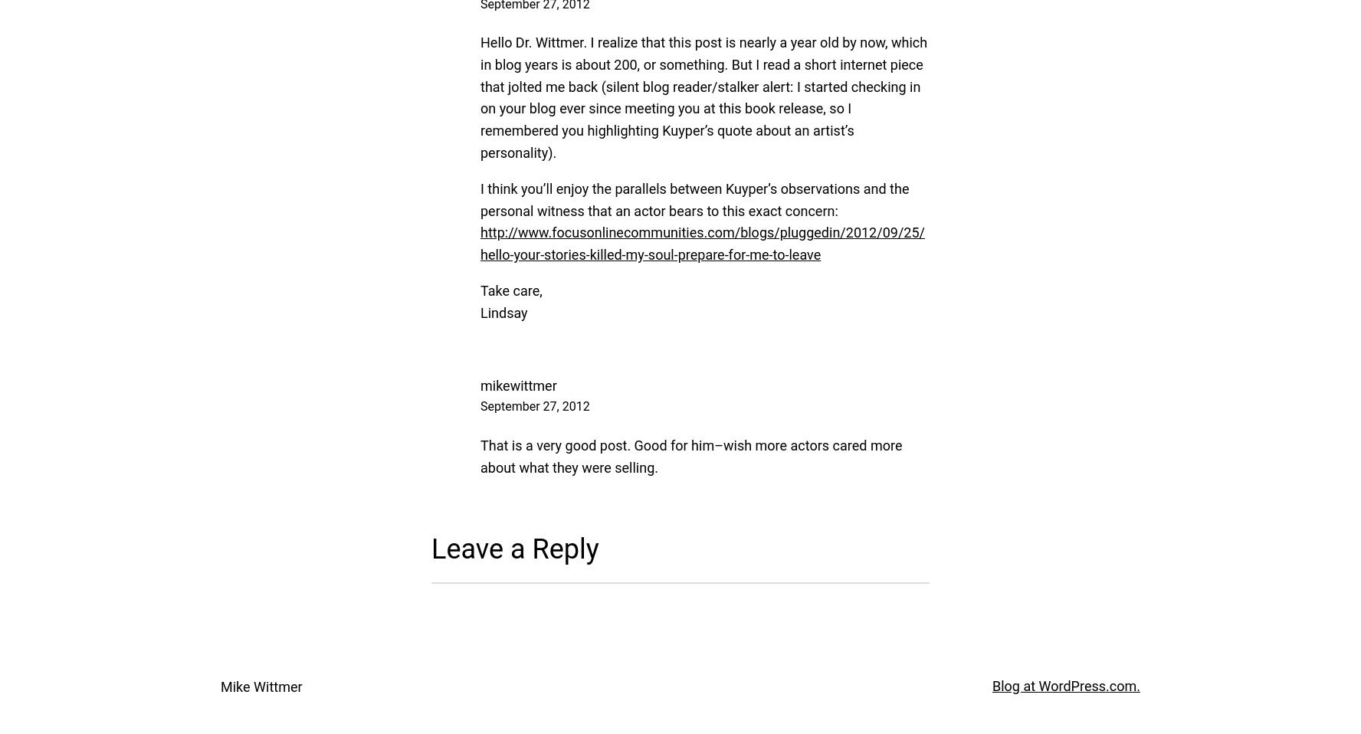 The height and width of the screenshot is (734, 1361). What do you see at coordinates (260, 686) in the screenshot?
I see `'Mike Wittmer'` at bounding box center [260, 686].